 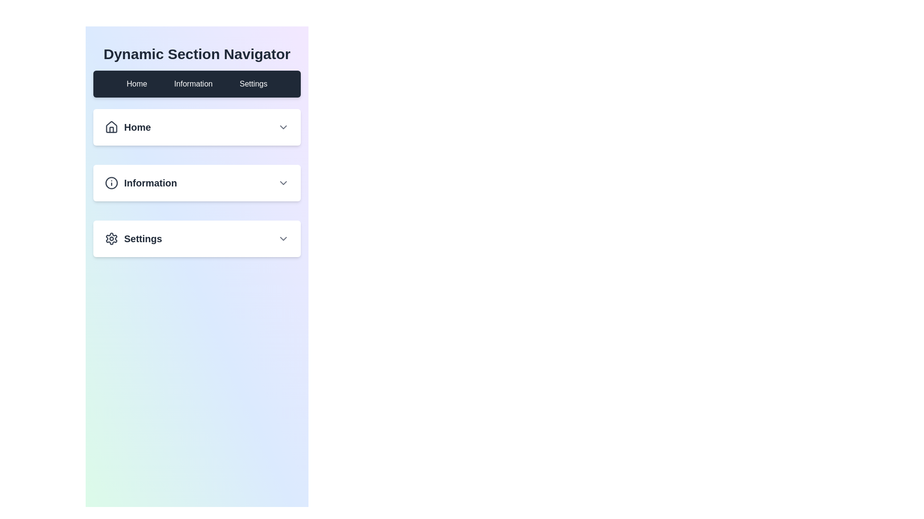 I want to click on the gear icon located in the third collapsible card section labeled 'Settings' to interact with it, so click(x=111, y=238).